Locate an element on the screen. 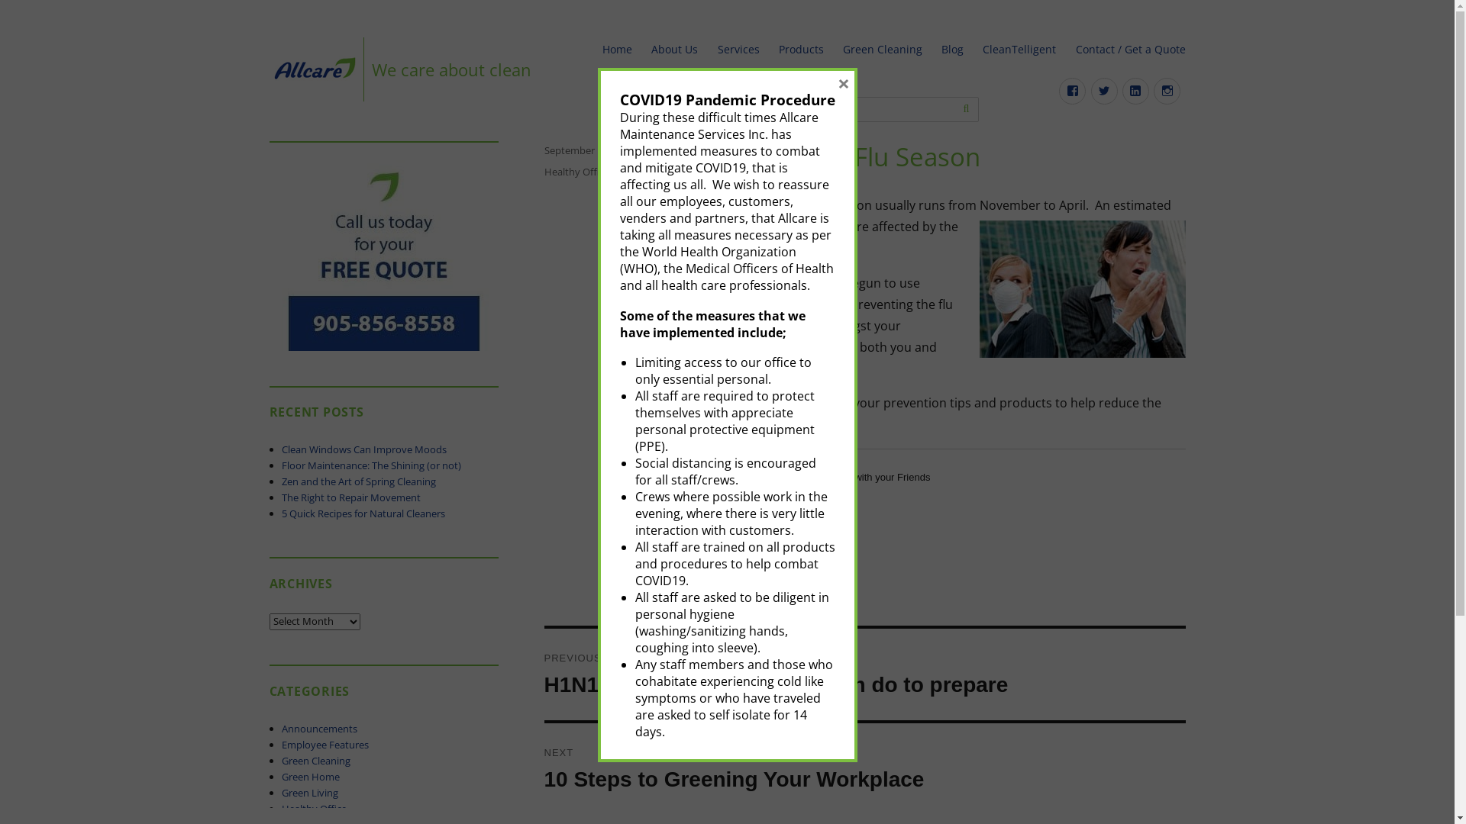 The image size is (1466, 824). 'Announcements' is located at coordinates (318, 728).